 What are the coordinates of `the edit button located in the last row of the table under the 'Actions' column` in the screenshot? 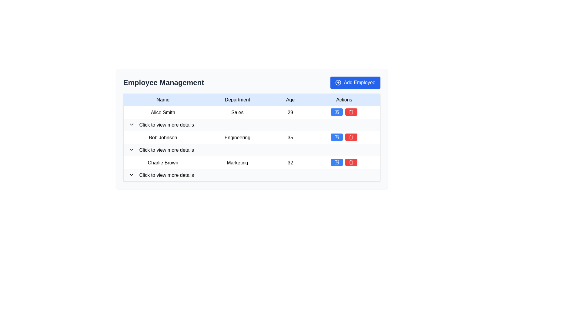 It's located at (336, 162).